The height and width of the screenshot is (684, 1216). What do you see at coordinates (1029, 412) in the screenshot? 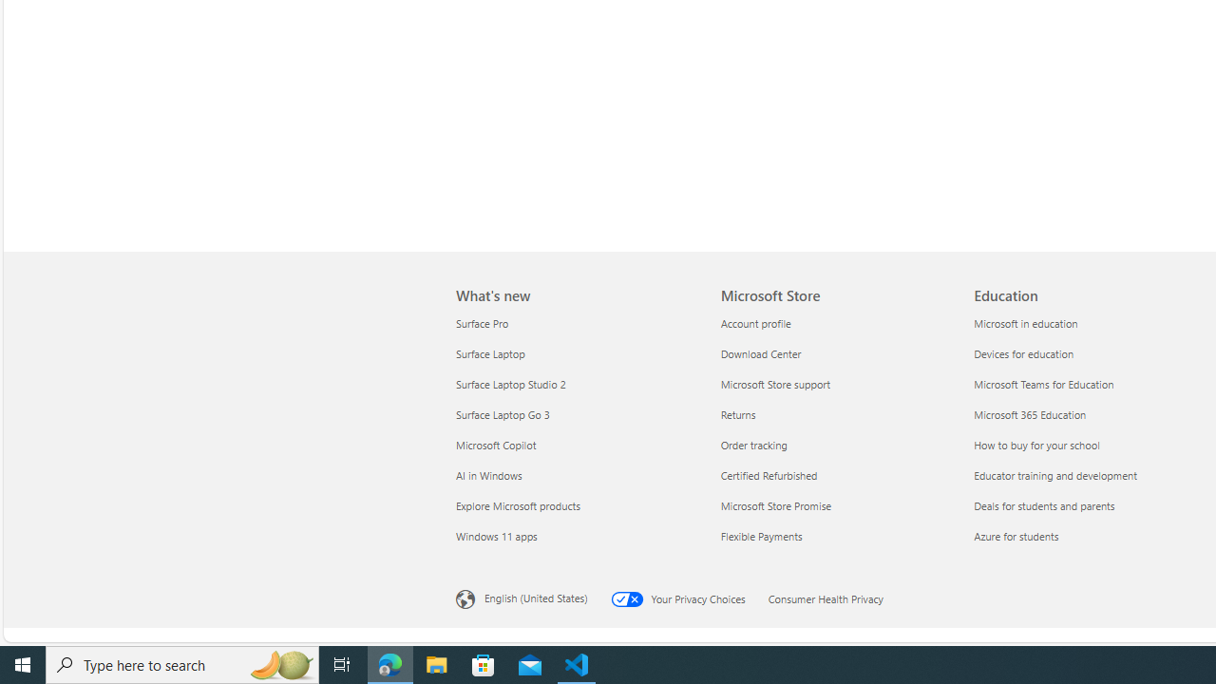
I see `'Microsoft 365 Education Education'` at bounding box center [1029, 412].